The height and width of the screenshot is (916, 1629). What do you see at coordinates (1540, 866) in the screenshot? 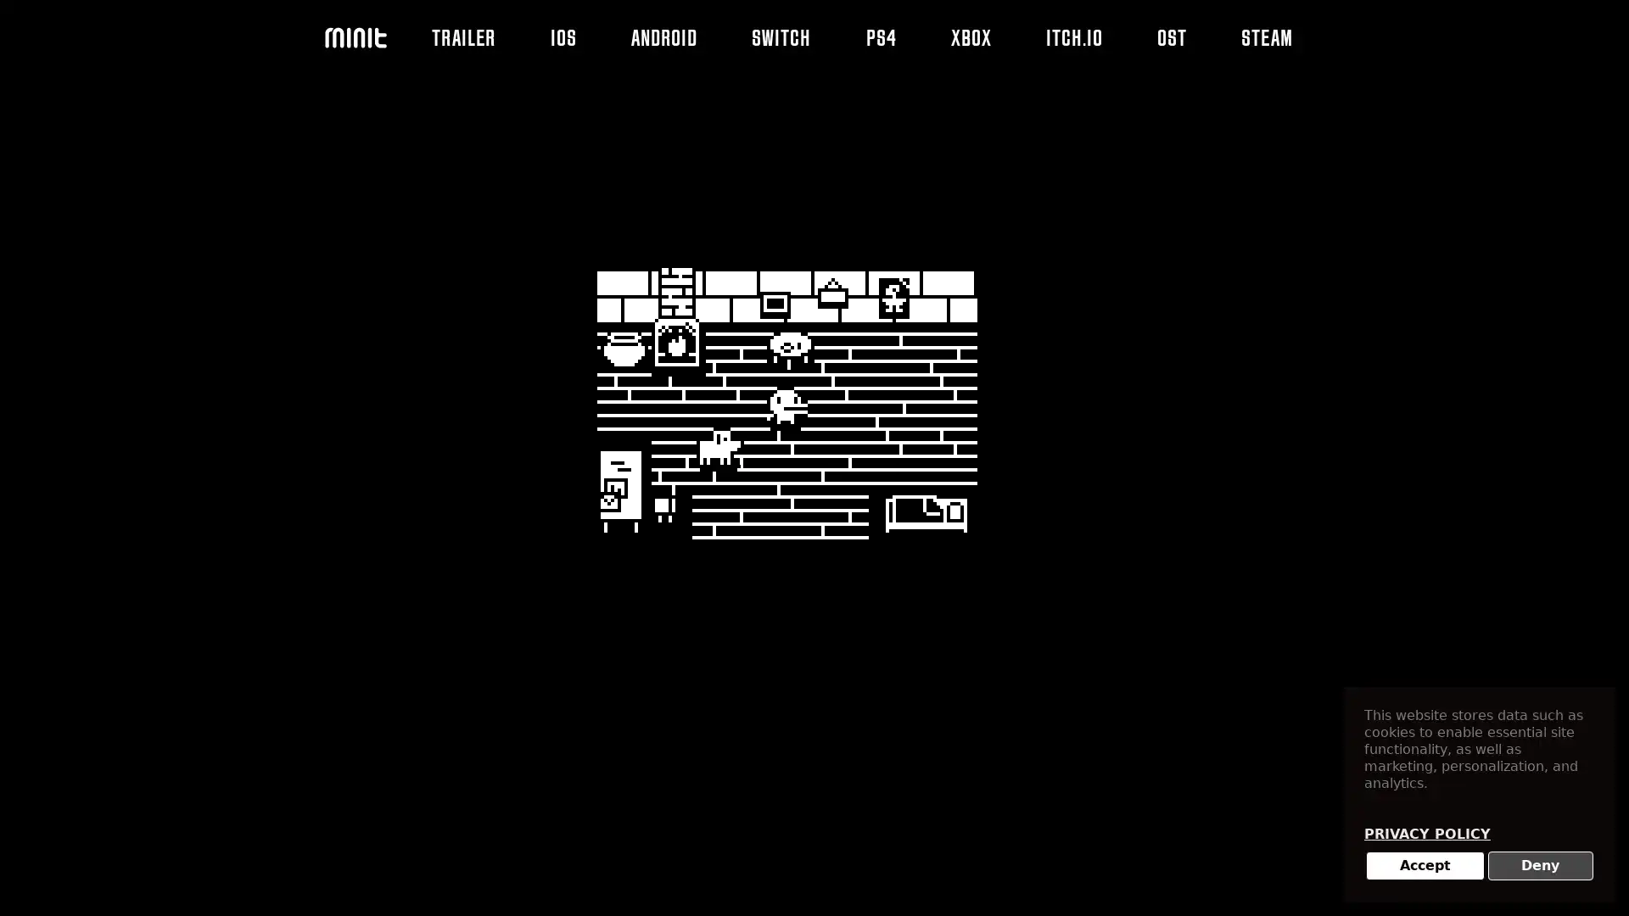
I see `Deny` at bounding box center [1540, 866].